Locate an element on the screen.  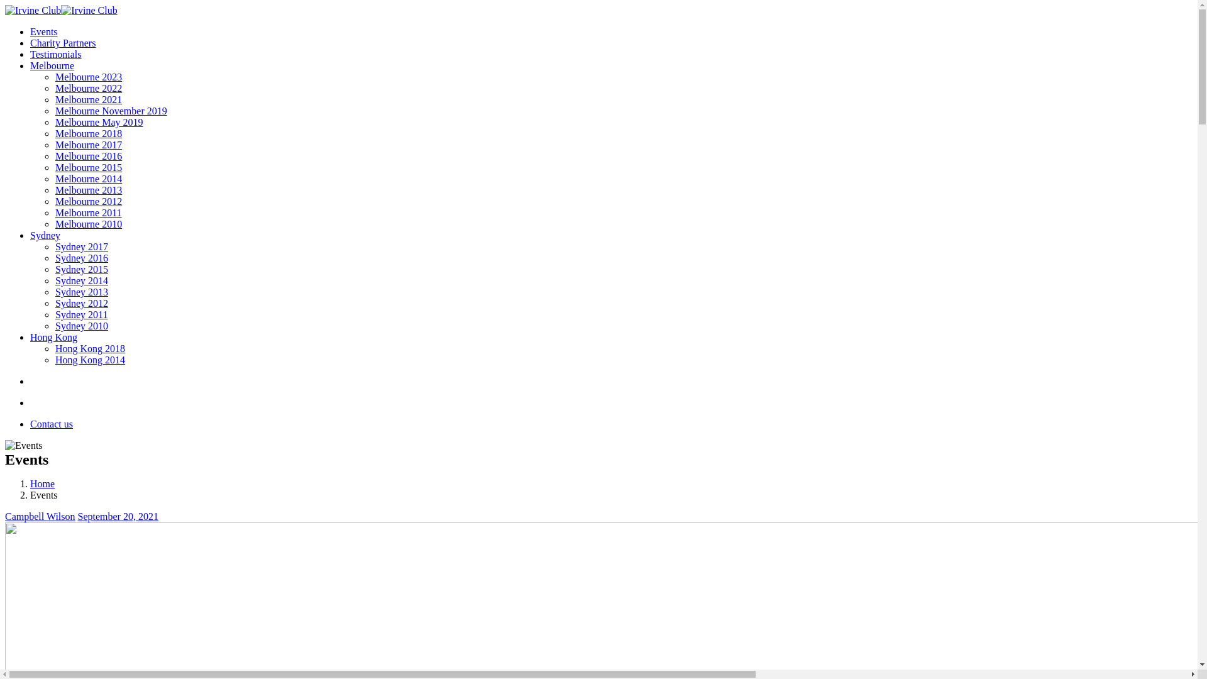
'Melbourne 2022' is located at coordinates (54, 87).